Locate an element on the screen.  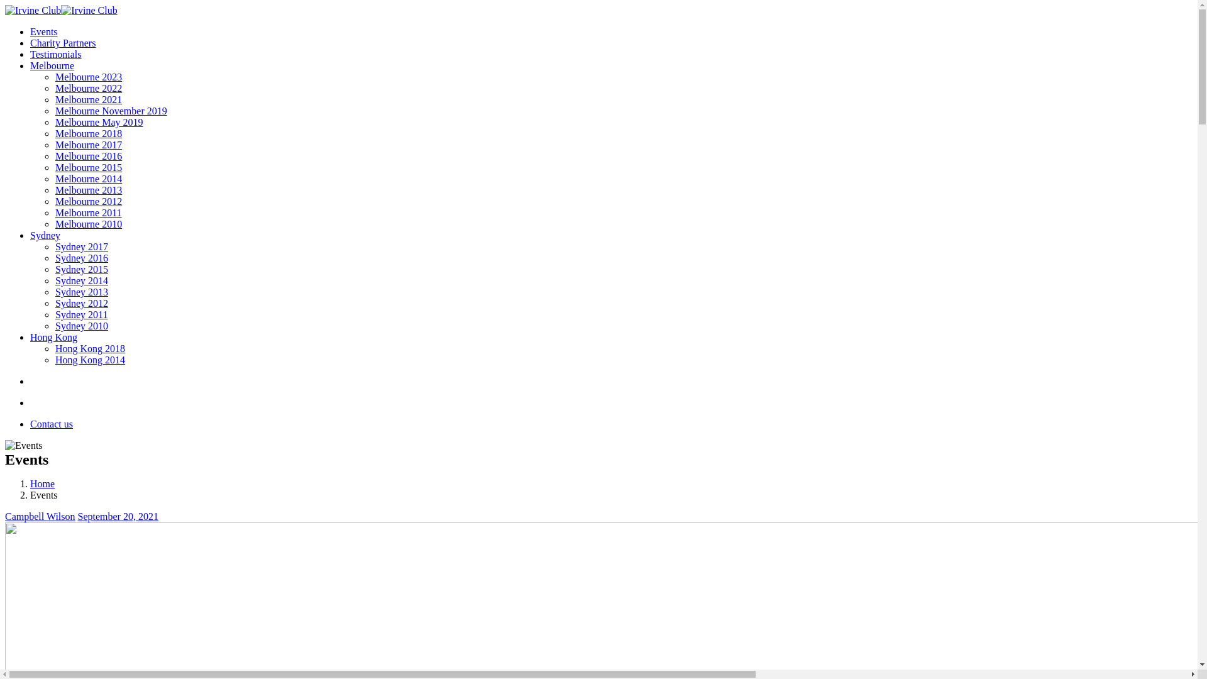
'Melbourne 2022' is located at coordinates (54, 87).